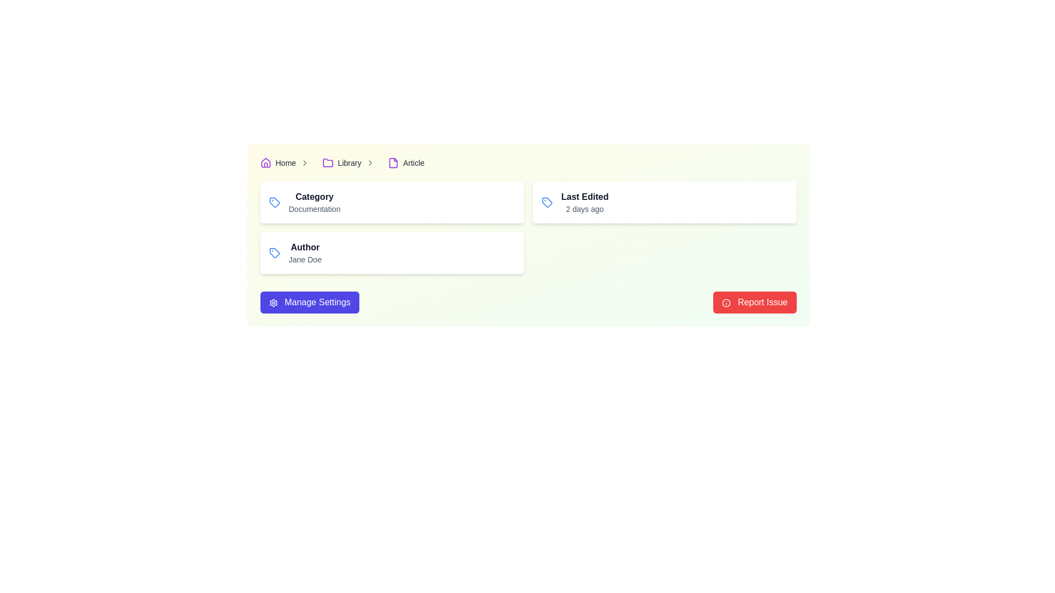  Describe the element at coordinates (327, 163) in the screenshot. I see `the folder SVG icon located in the breadcrumb navigation bar to associate it with the navigation context` at that location.